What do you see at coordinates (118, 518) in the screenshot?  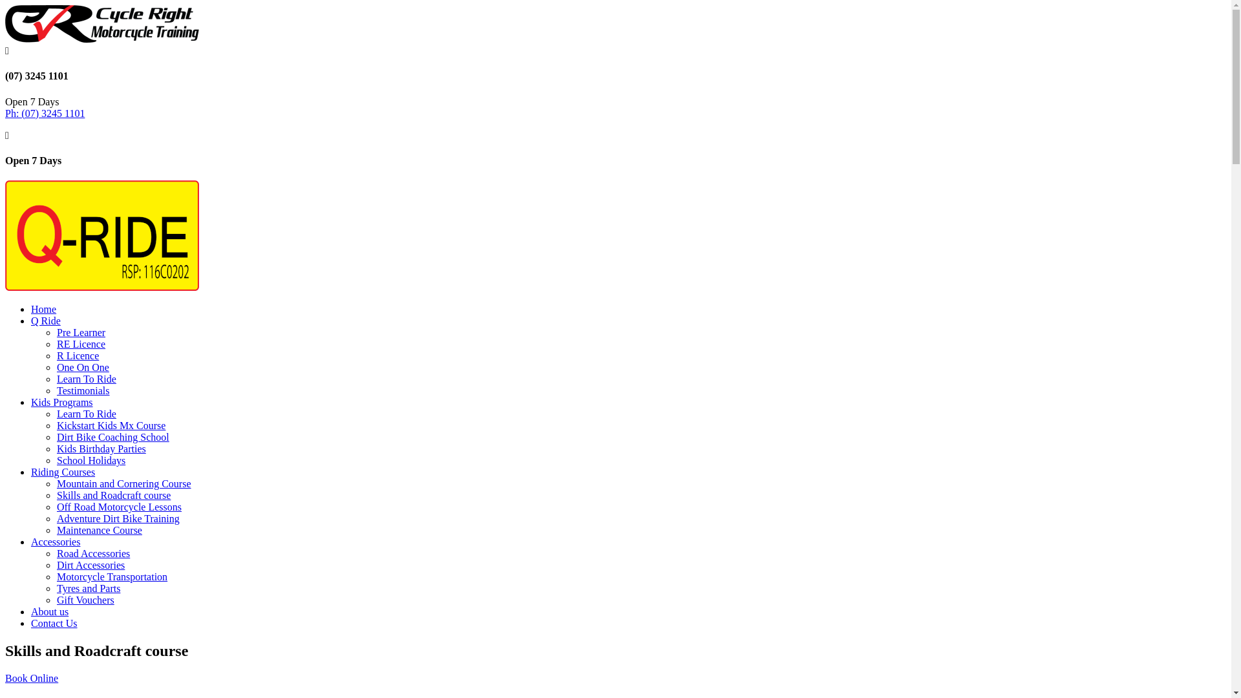 I see `'Adventure Dirt Bike Training'` at bounding box center [118, 518].